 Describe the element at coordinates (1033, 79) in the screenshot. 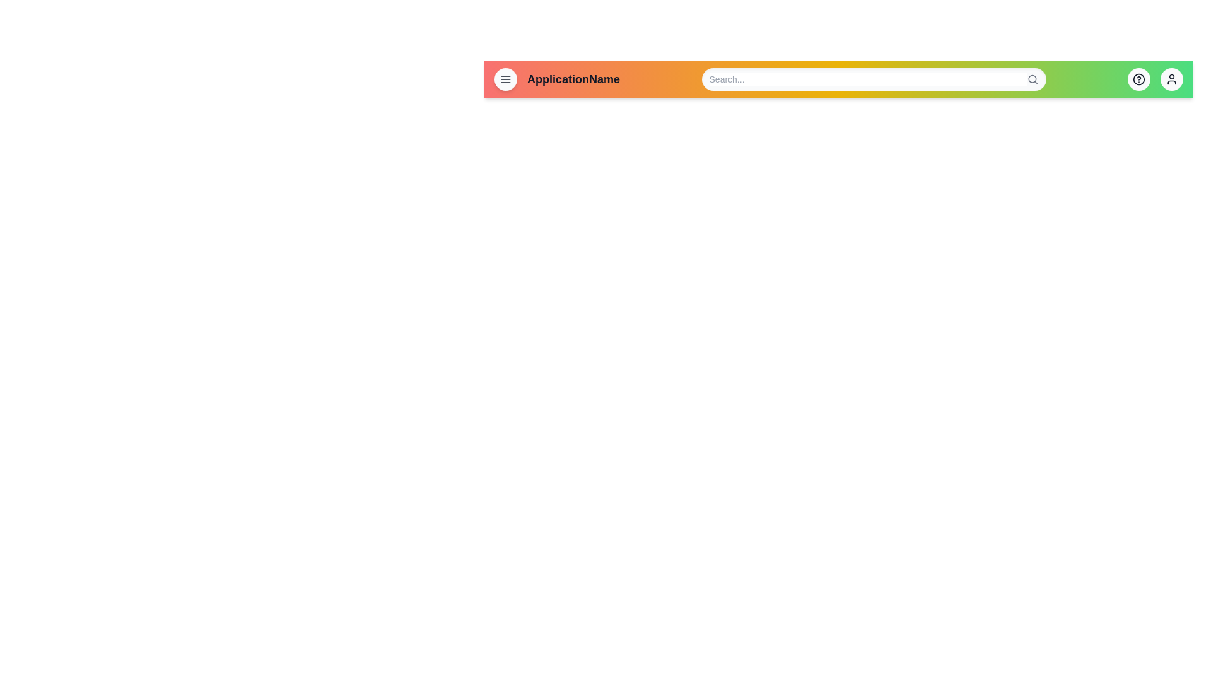

I see `the search icon to submit the search query` at that location.